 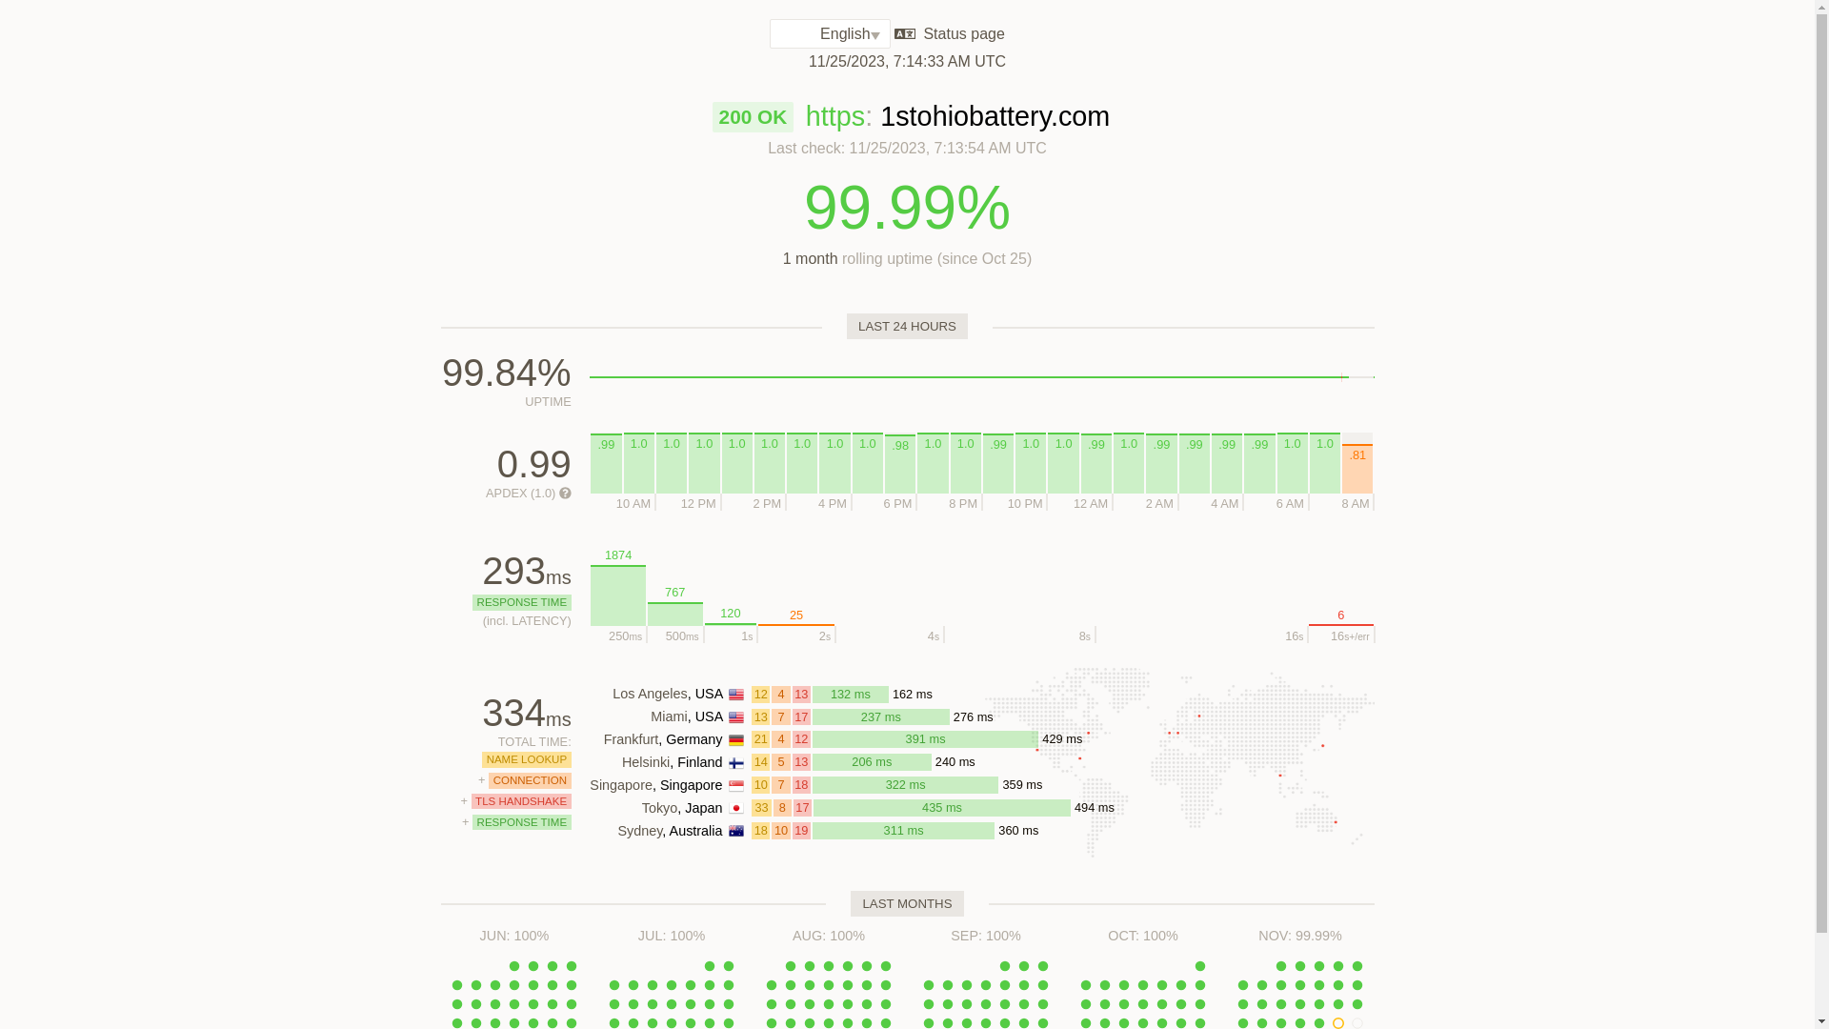 What do you see at coordinates (457, 984) in the screenshot?
I see `'<small>Jun 05:</small> No downtime'` at bounding box center [457, 984].